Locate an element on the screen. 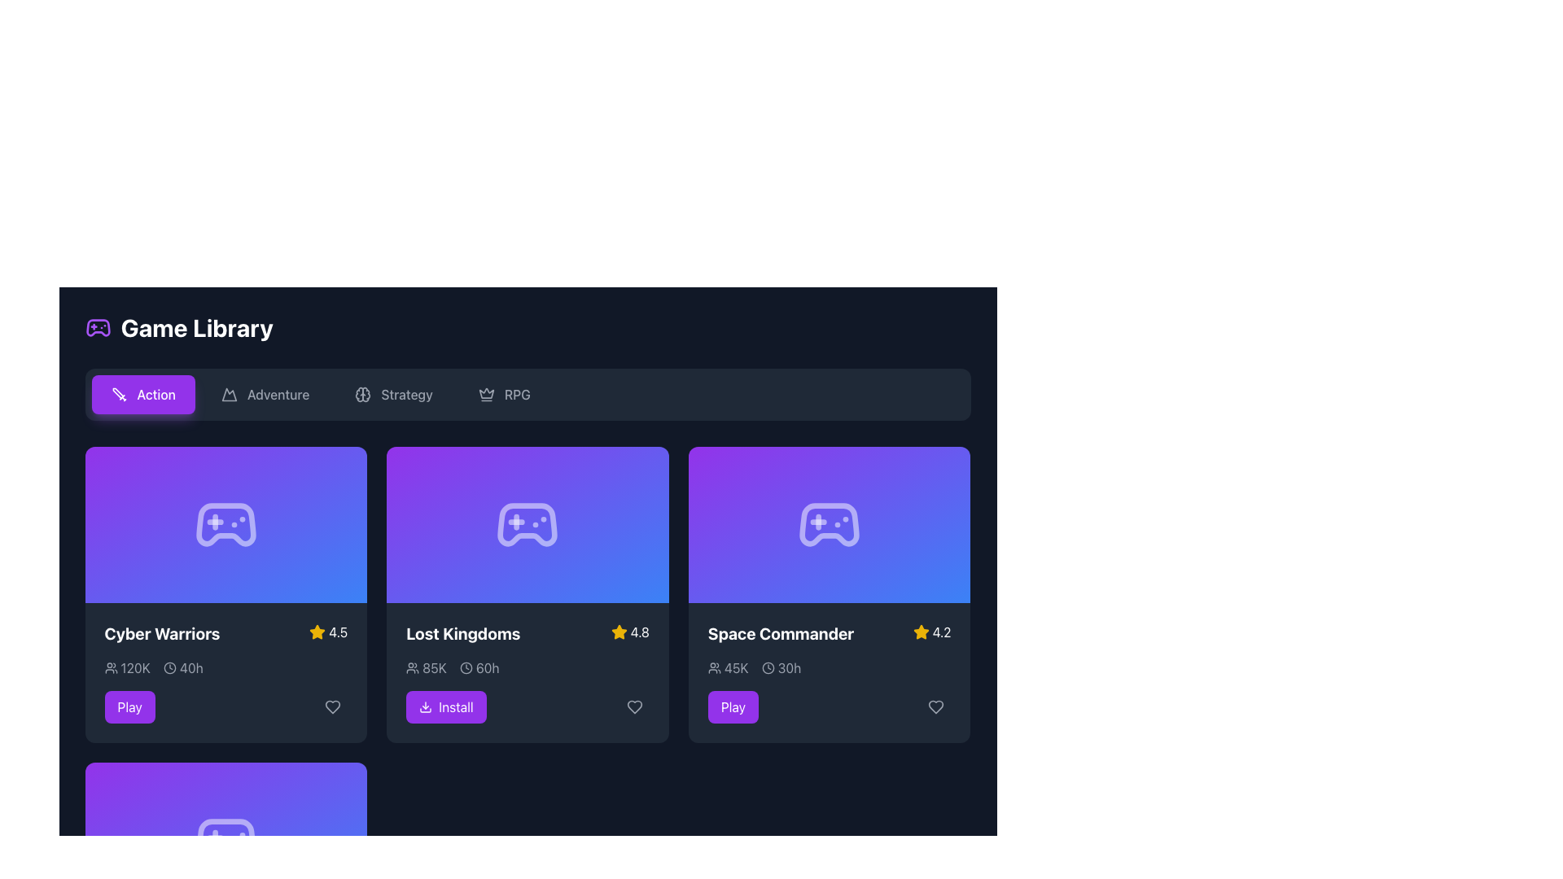 The image size is (1563, 879). the 'Space Commander' game icon located in the third card of the horizontal row is located at coordinates (830, 524).